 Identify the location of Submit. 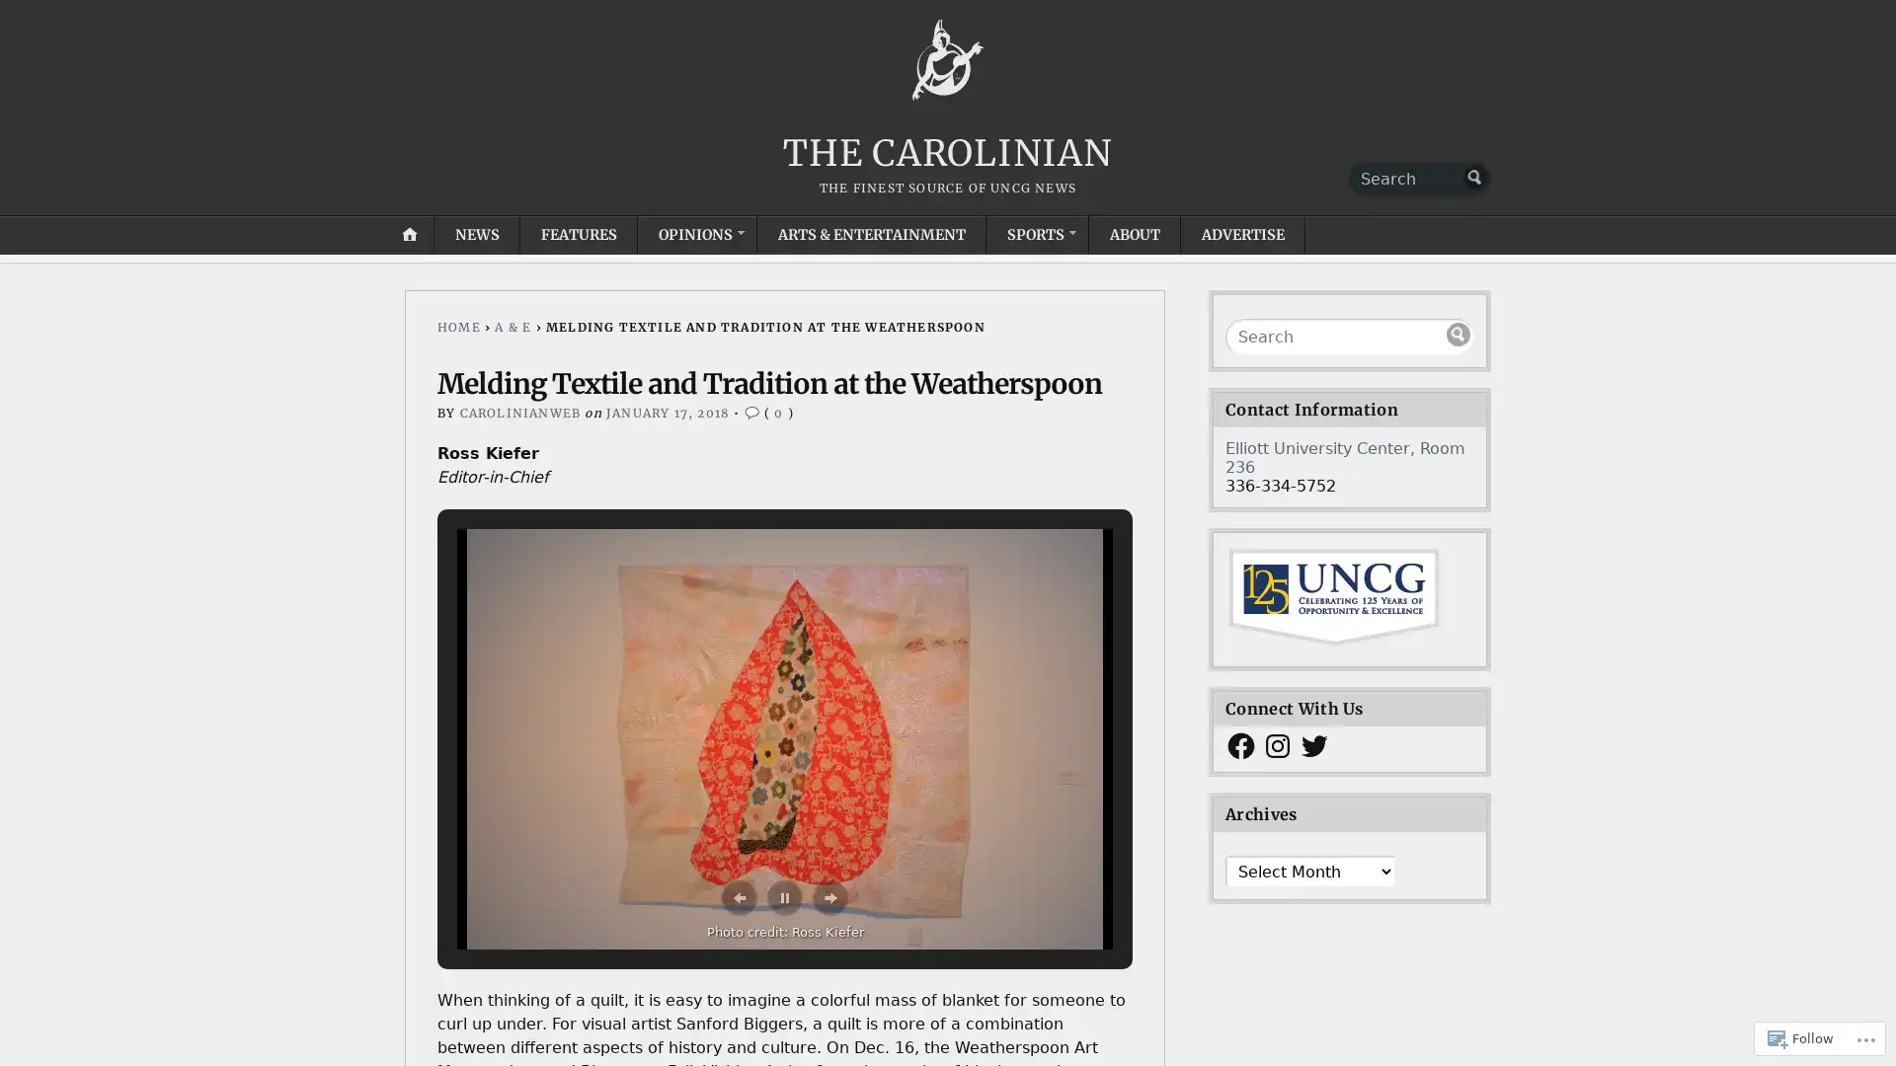
(1459, 333).